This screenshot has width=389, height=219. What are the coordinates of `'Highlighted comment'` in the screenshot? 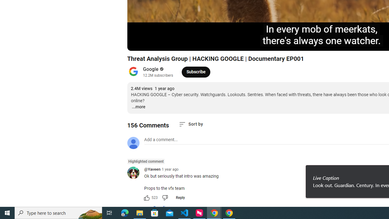 It's located at (146, 161).